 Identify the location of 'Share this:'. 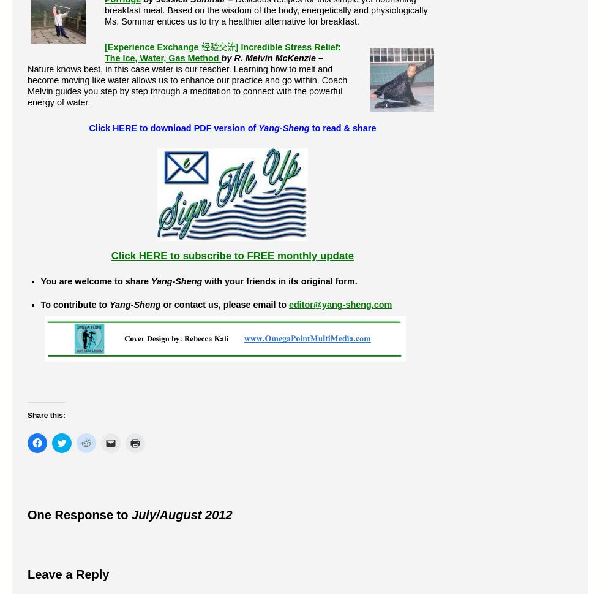
(27, 415).